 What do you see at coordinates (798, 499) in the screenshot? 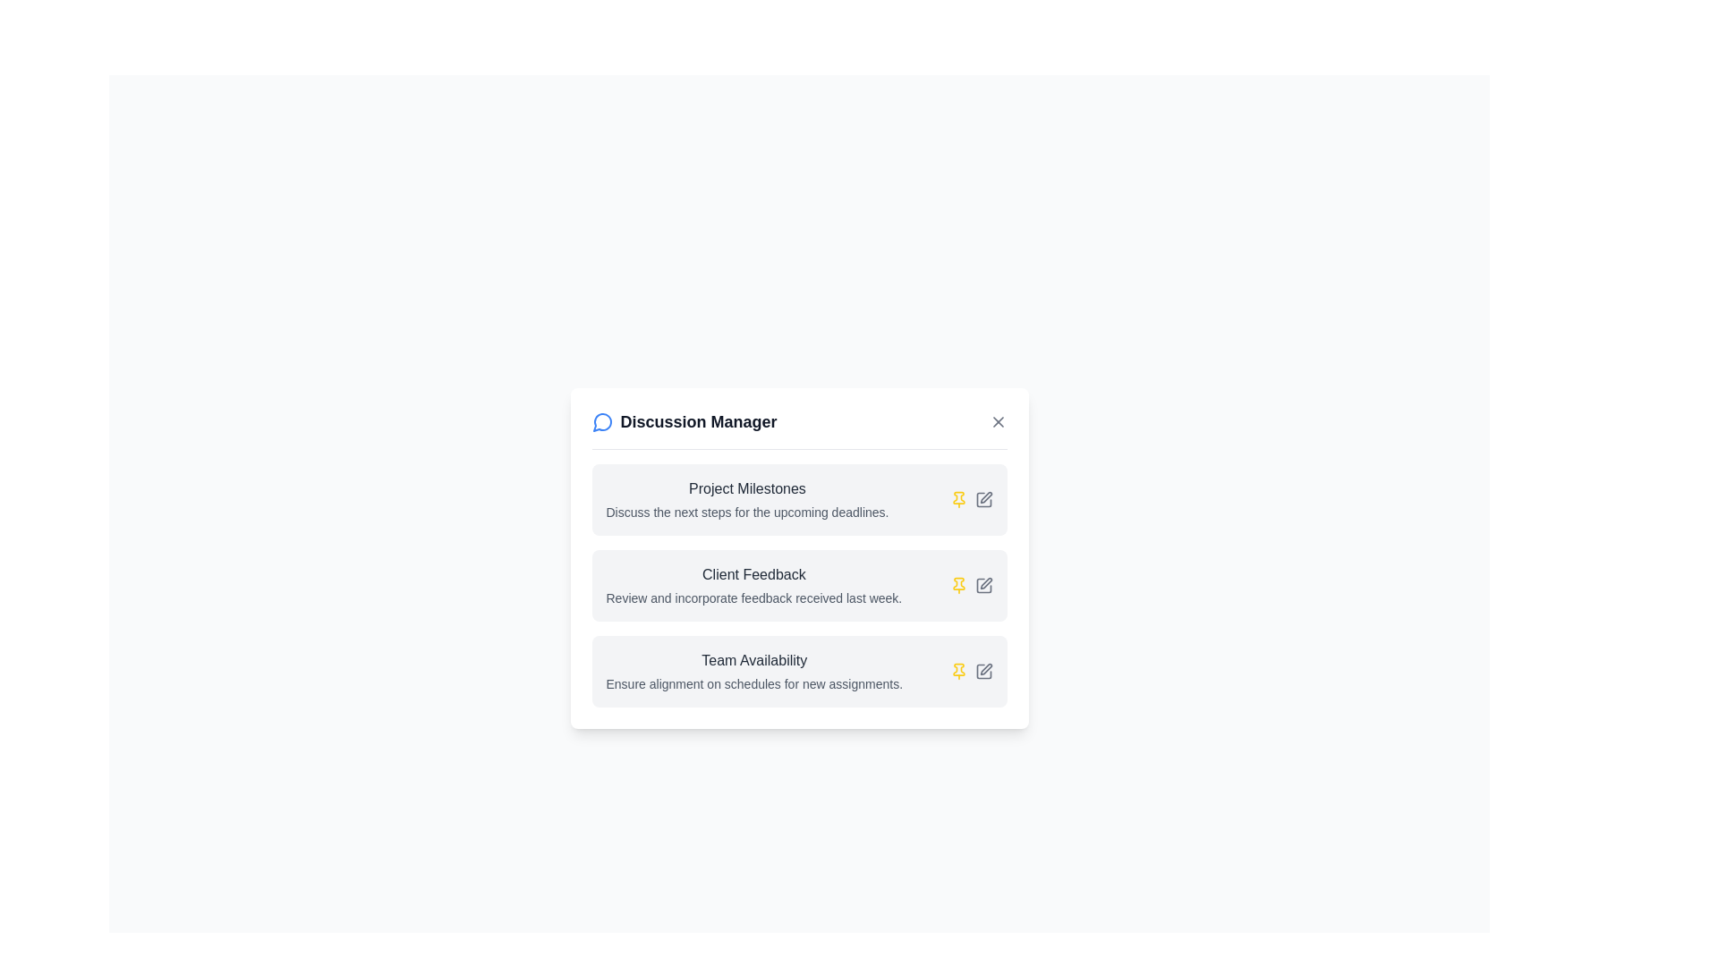
I see `the 'Project Milestones' list item in the 'Discussion Manager' dialog box, which is the topmost entry and features a bold header with descriptive text beneath it` at bounding box center [798, 499].